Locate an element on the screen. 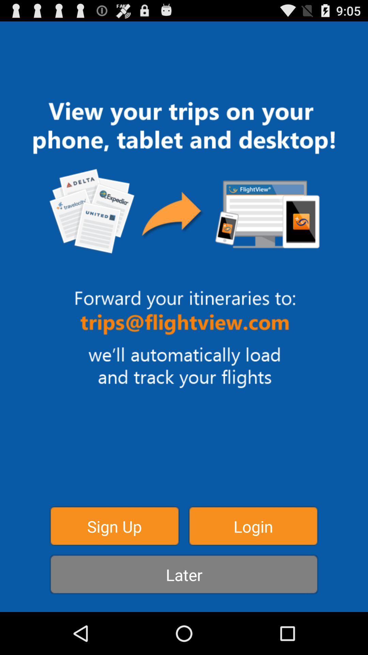  later icon is located at coordinates (184, 574).